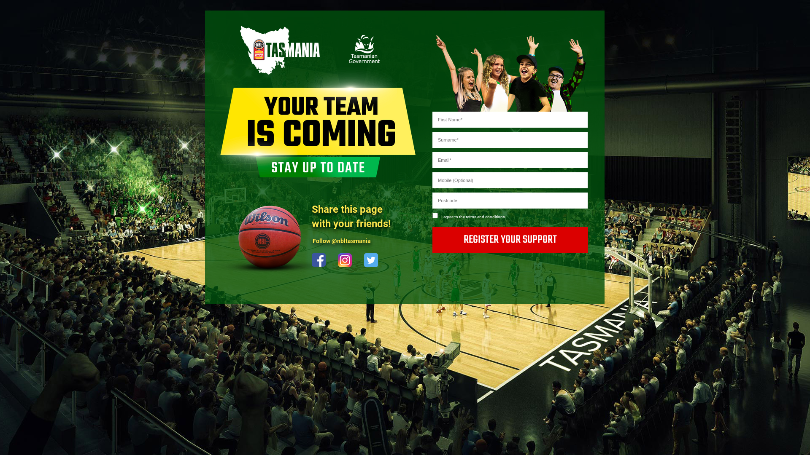  Describe the element at coordinates (486, 216) in the screenshot. I see `'terms and conditions.'` at that location.